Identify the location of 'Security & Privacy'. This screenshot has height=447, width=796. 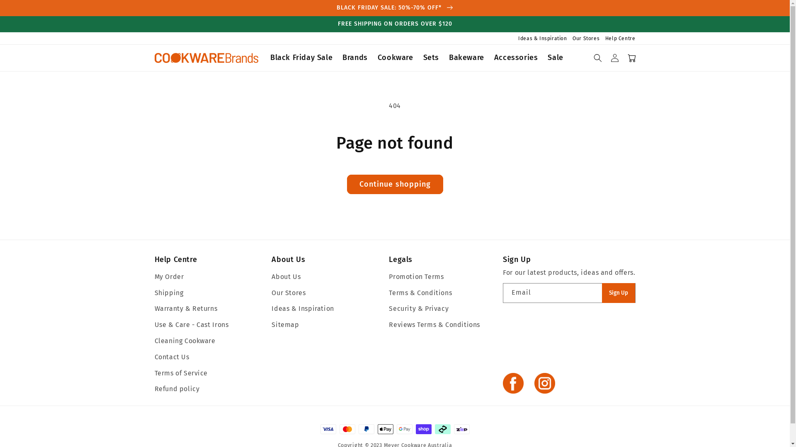
(388, 309).